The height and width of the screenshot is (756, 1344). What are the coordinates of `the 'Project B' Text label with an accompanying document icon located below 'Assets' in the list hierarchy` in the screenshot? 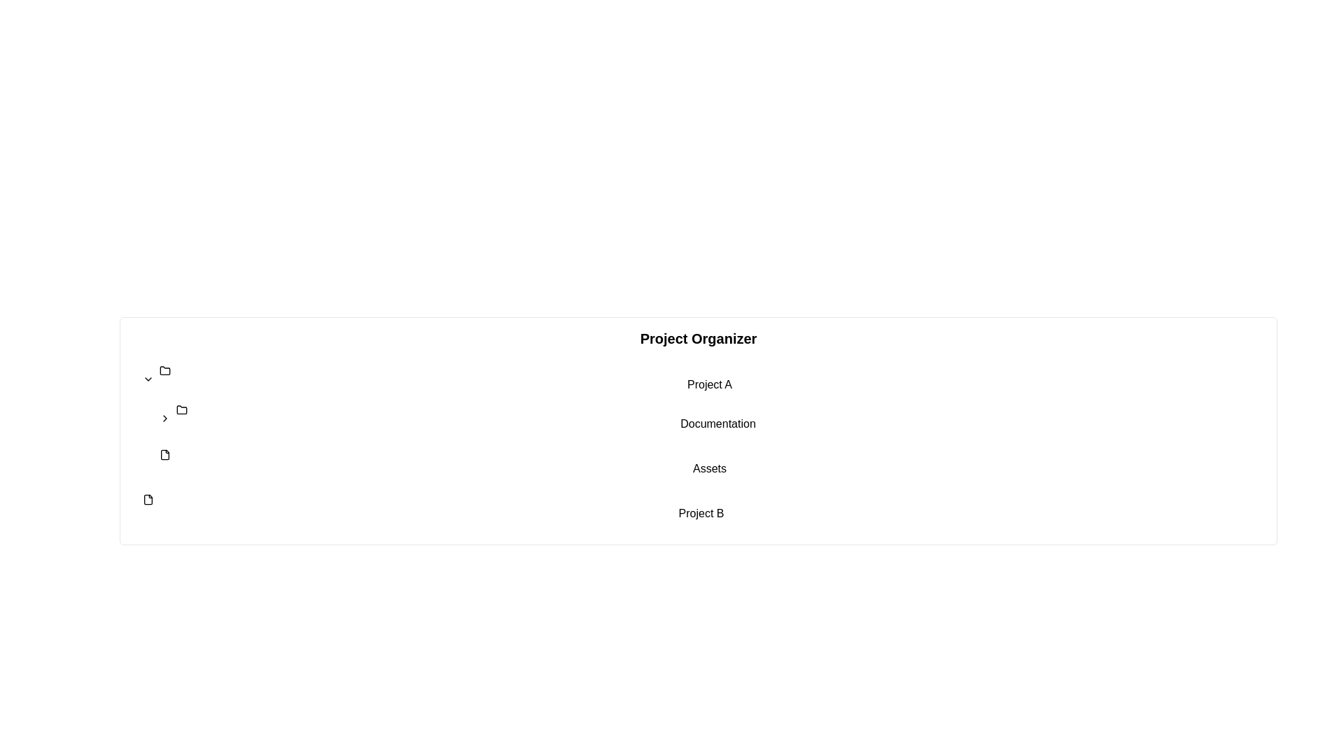 It's located at (701, 507).